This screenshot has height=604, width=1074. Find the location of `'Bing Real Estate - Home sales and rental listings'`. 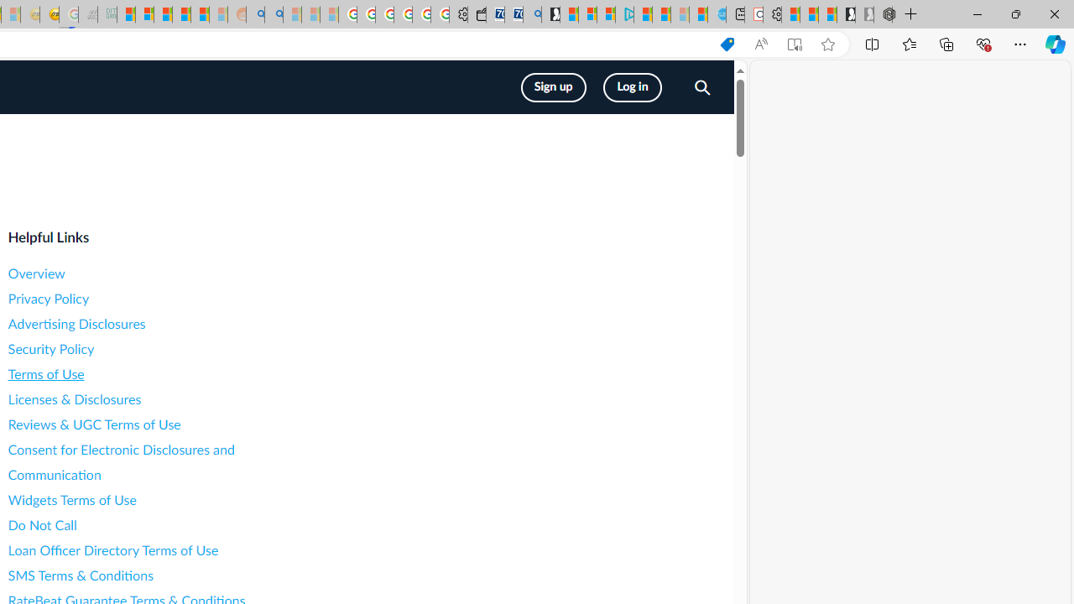

'Bing Real Estate - Home sales and rental listings' is located at coordinates (531, 14).